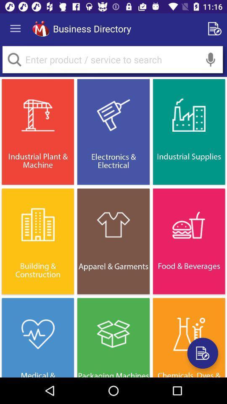  Describe the element at coordinates (112, 59) in the screenshot. I see `type product or service` at that location.